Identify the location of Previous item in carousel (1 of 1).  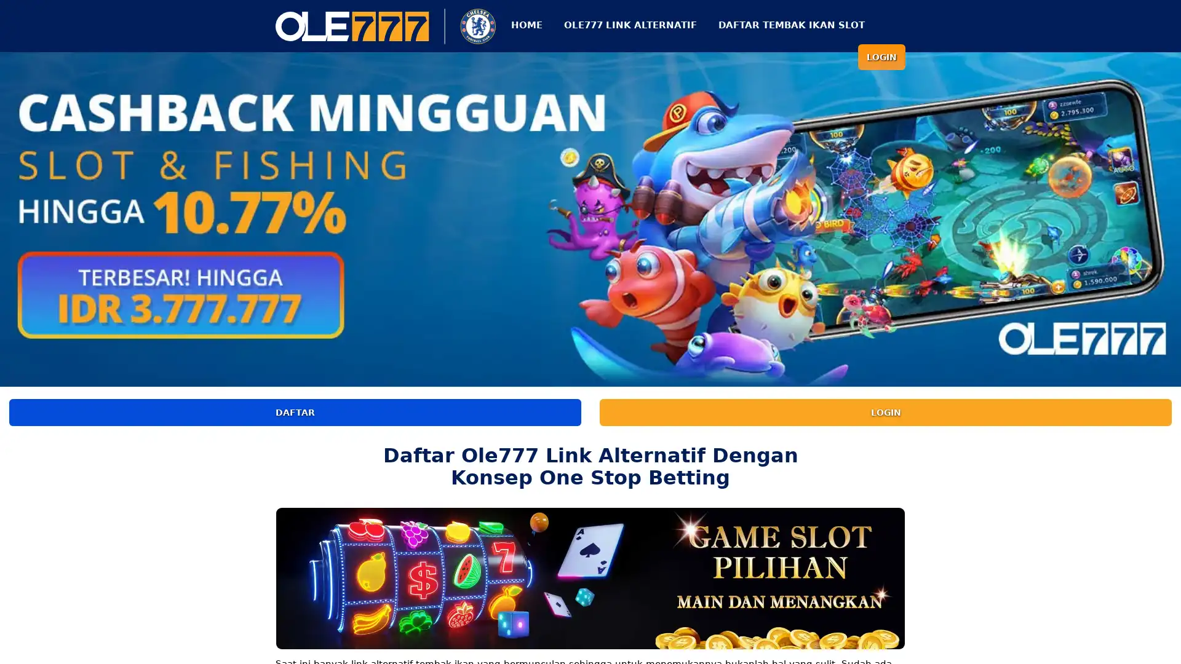
(10, 216).